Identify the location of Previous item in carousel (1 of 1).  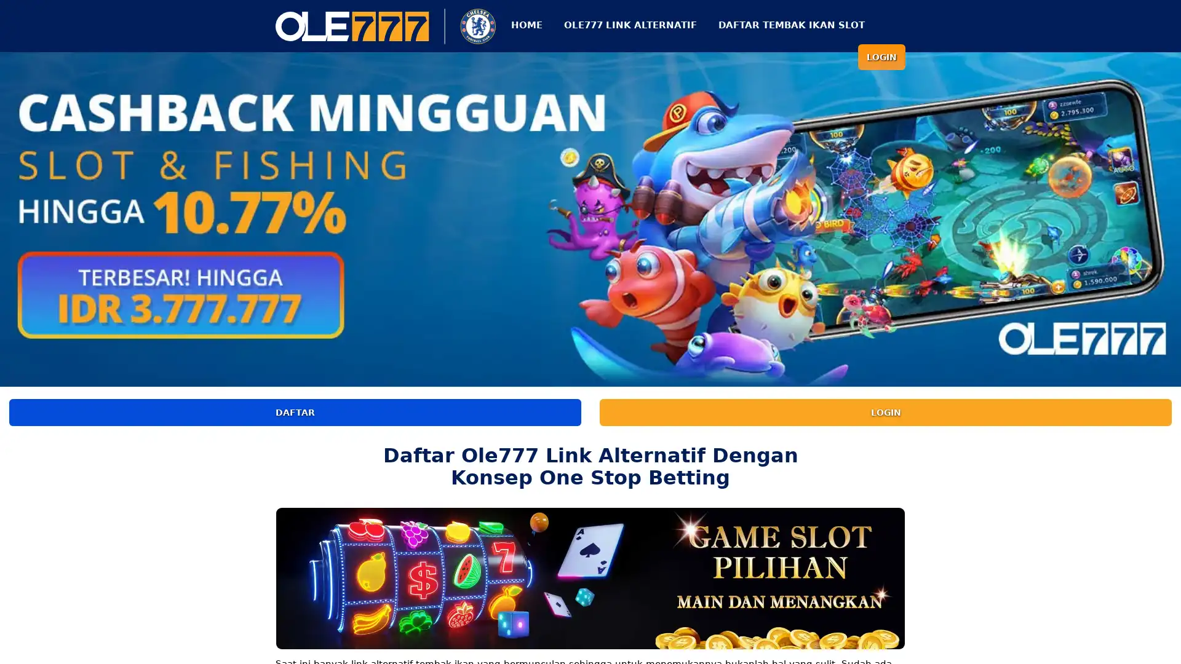
(10, 216).